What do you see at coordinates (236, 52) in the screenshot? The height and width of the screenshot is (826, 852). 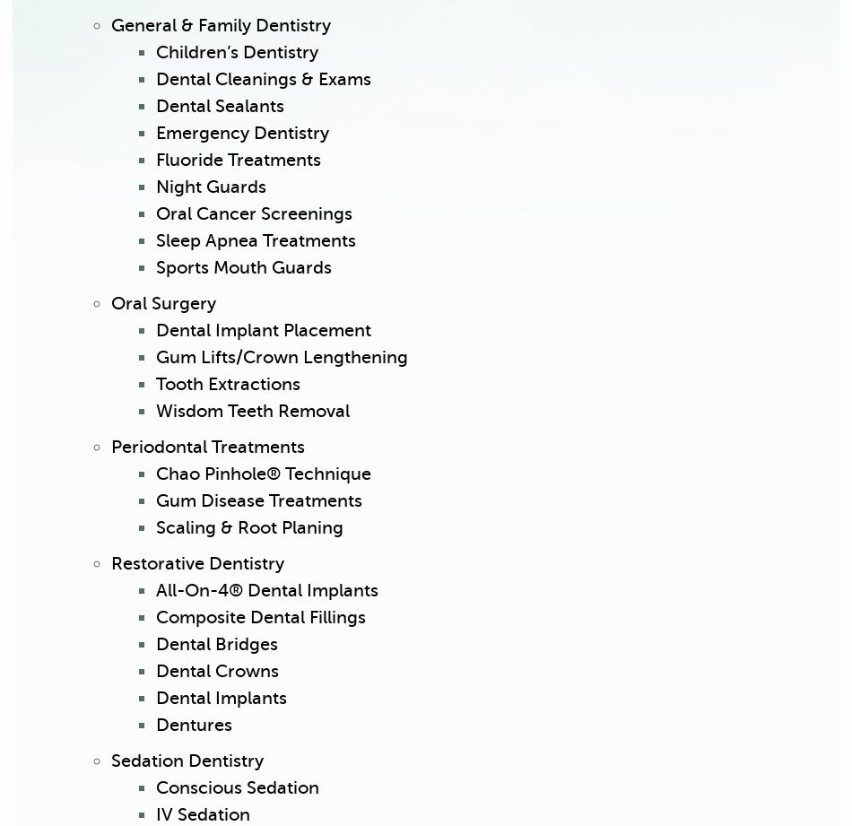 I see `'Children’s Dentistry'` at bounding box center [236, 52].